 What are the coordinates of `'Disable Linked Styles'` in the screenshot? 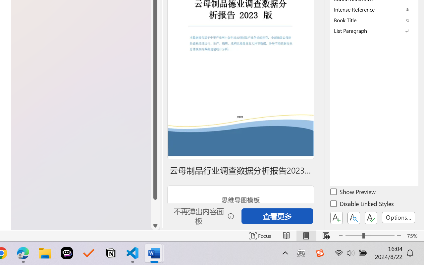 It's located at (362, 205).